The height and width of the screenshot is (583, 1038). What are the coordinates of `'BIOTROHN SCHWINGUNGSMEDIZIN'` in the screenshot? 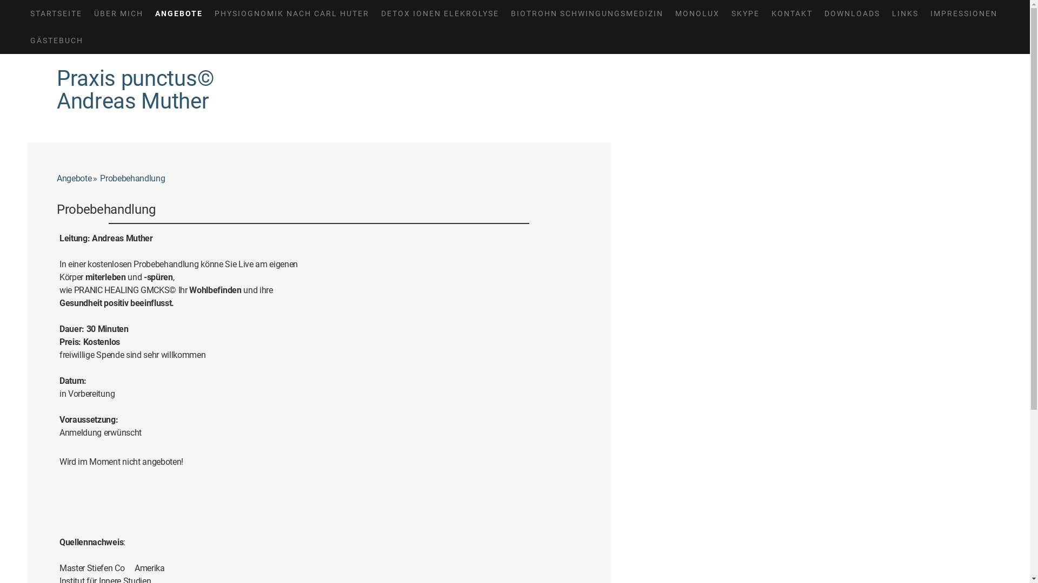 It's located at (586, 13).